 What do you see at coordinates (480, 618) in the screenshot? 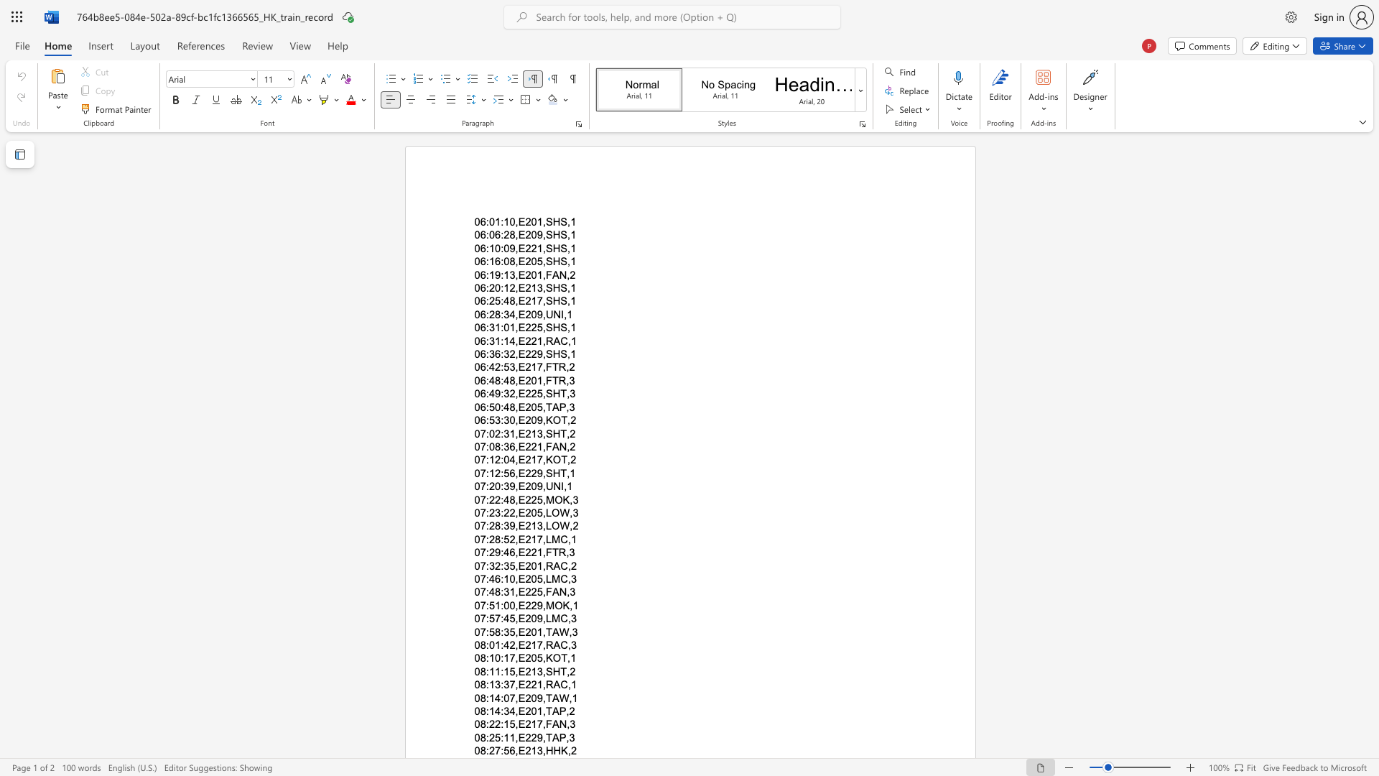
I see `the subset text "7:57:45,E2" within the text "07:57:45,E209,LMC,3"` at bounding box center [480, 618].